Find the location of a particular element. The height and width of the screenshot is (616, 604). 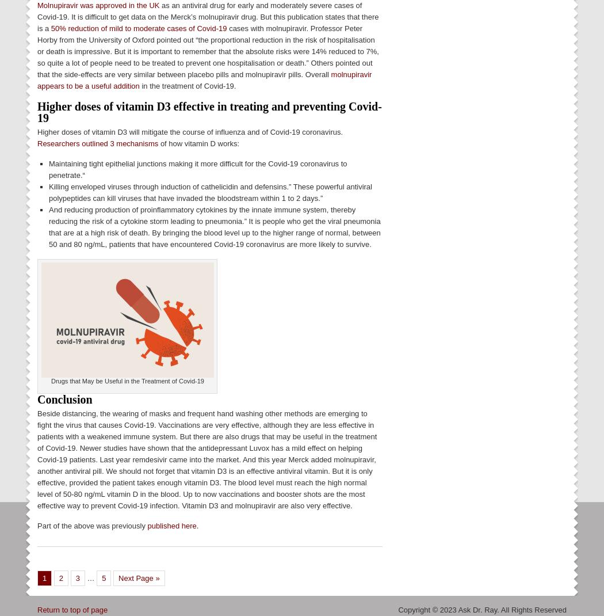

'50% reduction of mild to moderate cases of Covid-19' is located at coordinates (138, 27).